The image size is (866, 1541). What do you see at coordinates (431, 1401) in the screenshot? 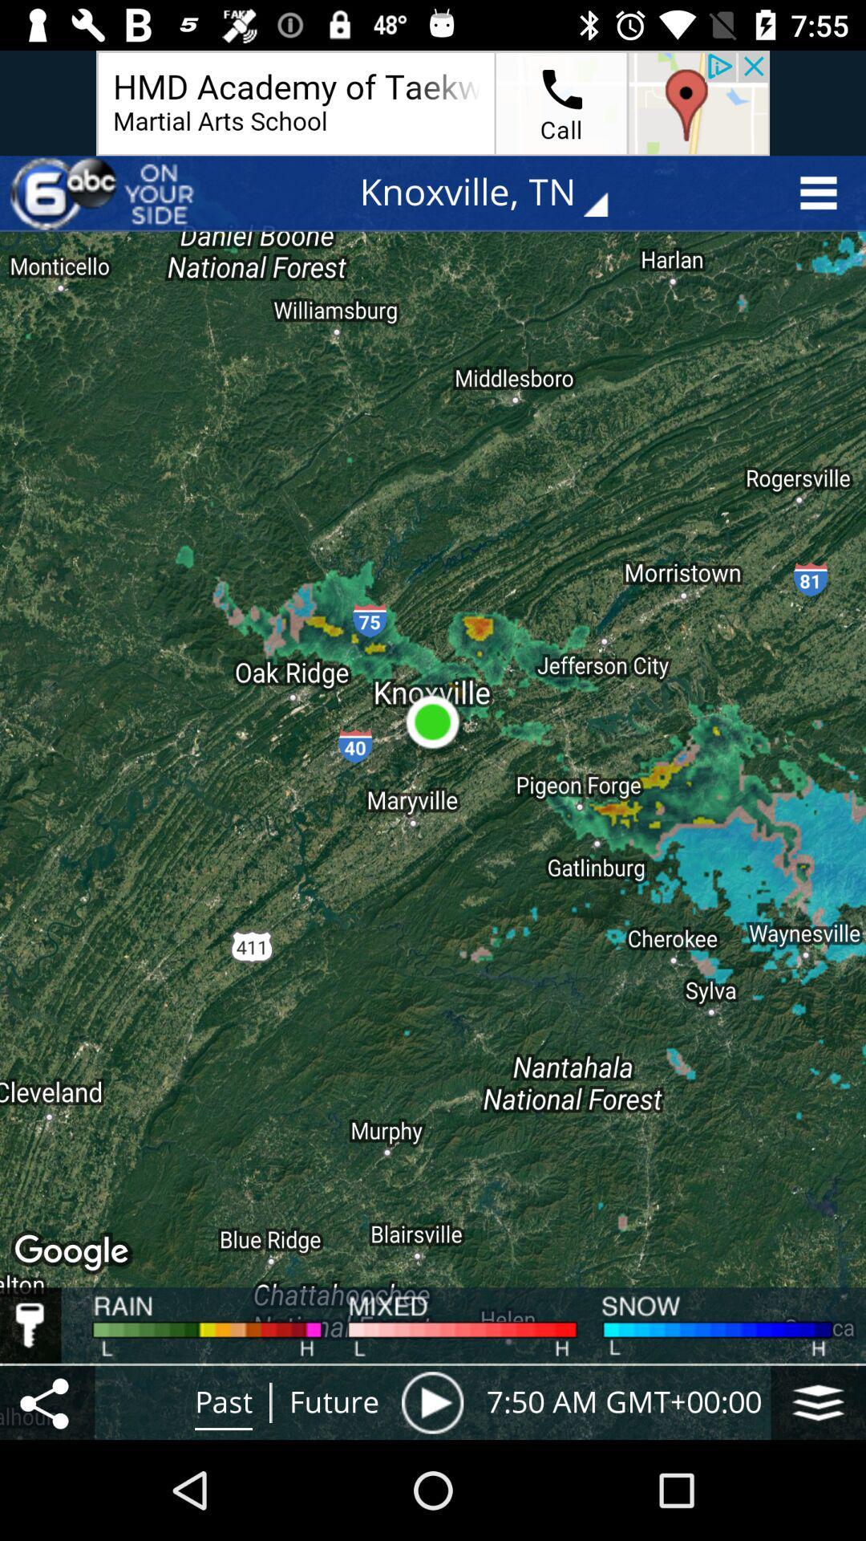
I see `icon to the left of the 7 50 am` at bounding box center [431, 1401].